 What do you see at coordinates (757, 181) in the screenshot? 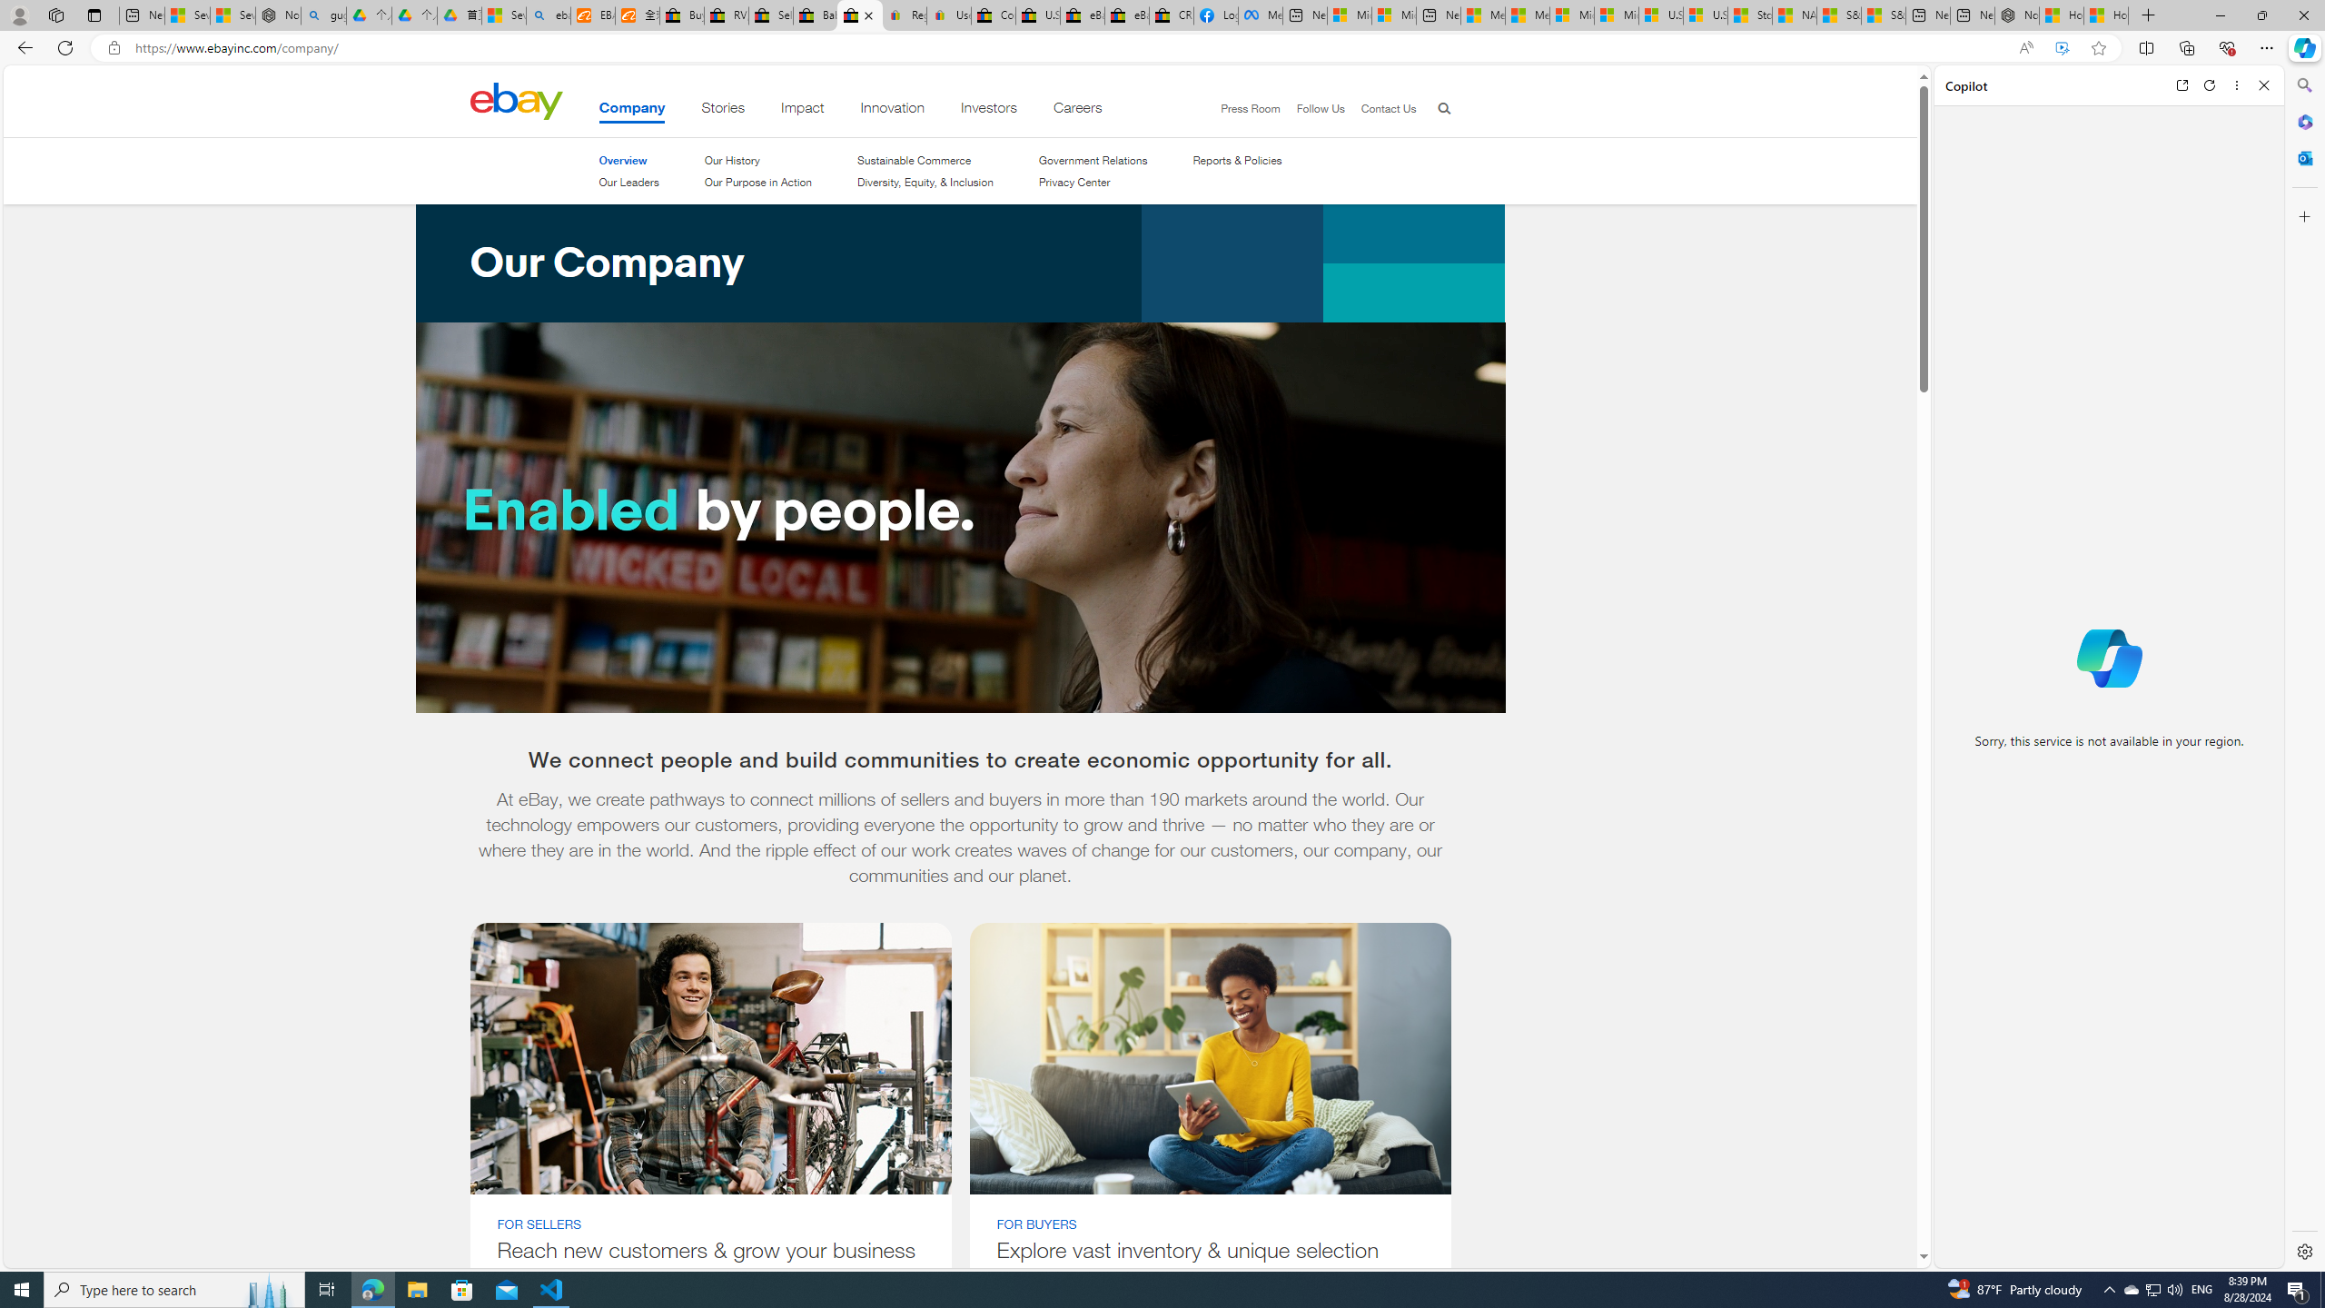
I see `'Our Purpose in Action'` at bounding box center [757, 181].